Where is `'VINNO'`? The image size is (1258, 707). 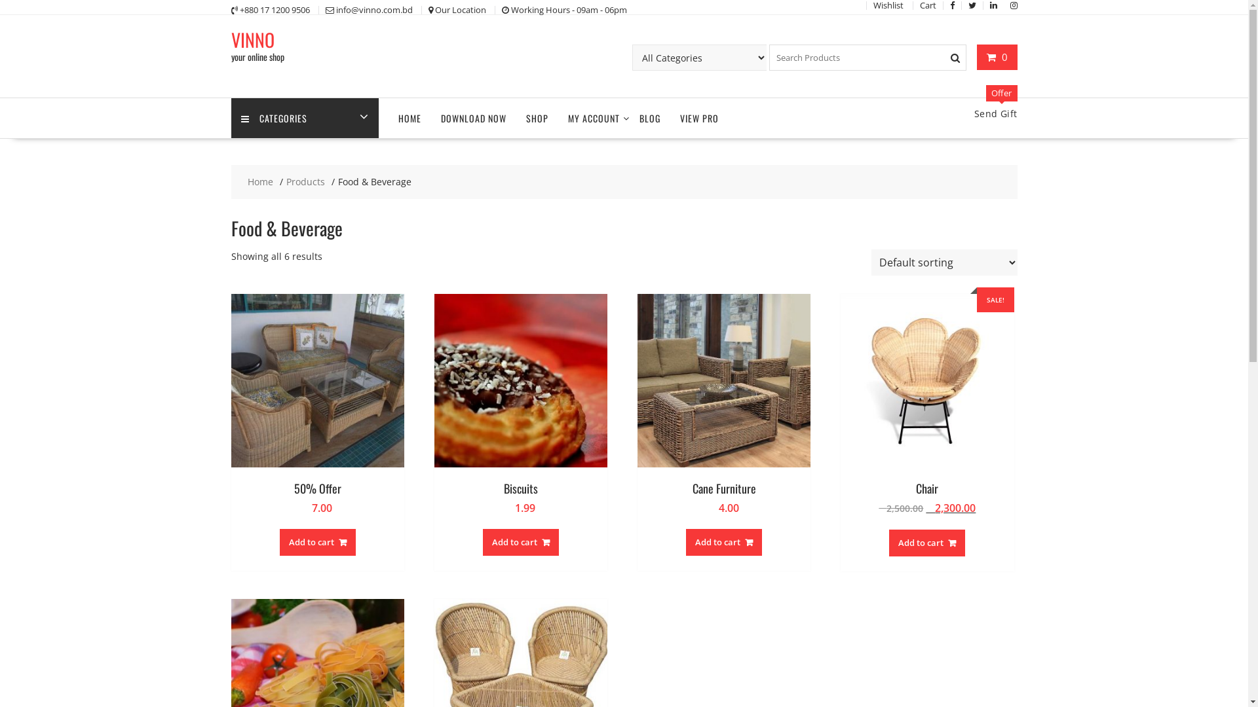 'VINNO' is located at coordinates (252, 39).